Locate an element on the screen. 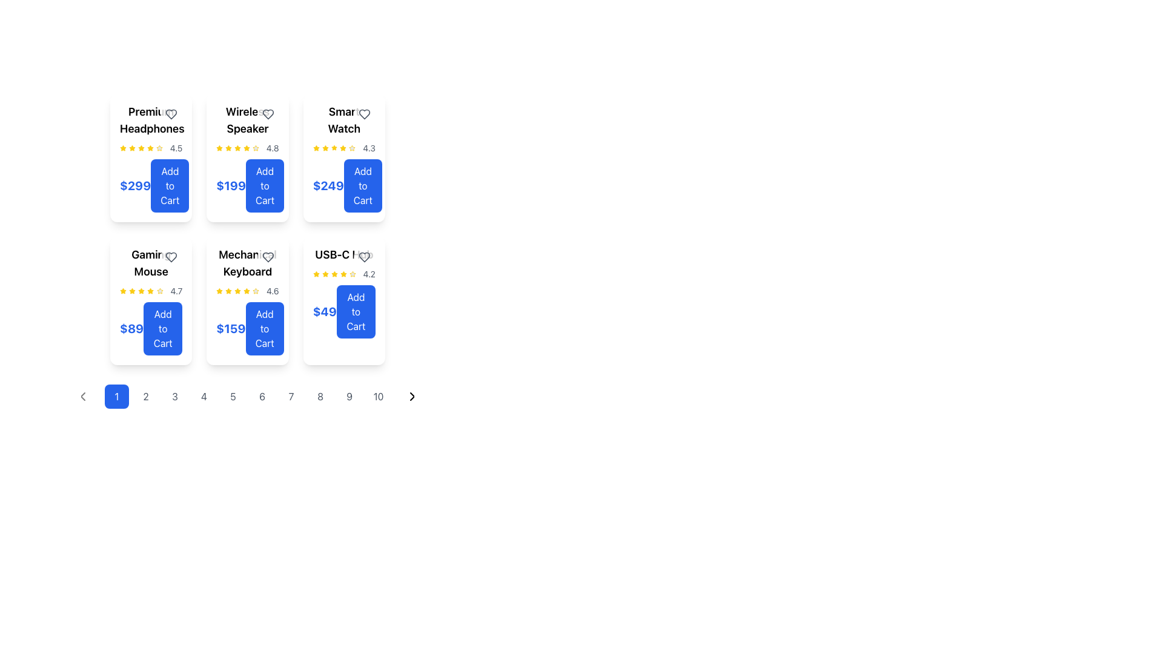 The width and height of the screenshot is (1163, 654). the Rating display with stars and numerical text for the 'Gaming Mouse' product, which is located below its title and above the price and 'Add to Cart' button is located at coordinates (150, 291).